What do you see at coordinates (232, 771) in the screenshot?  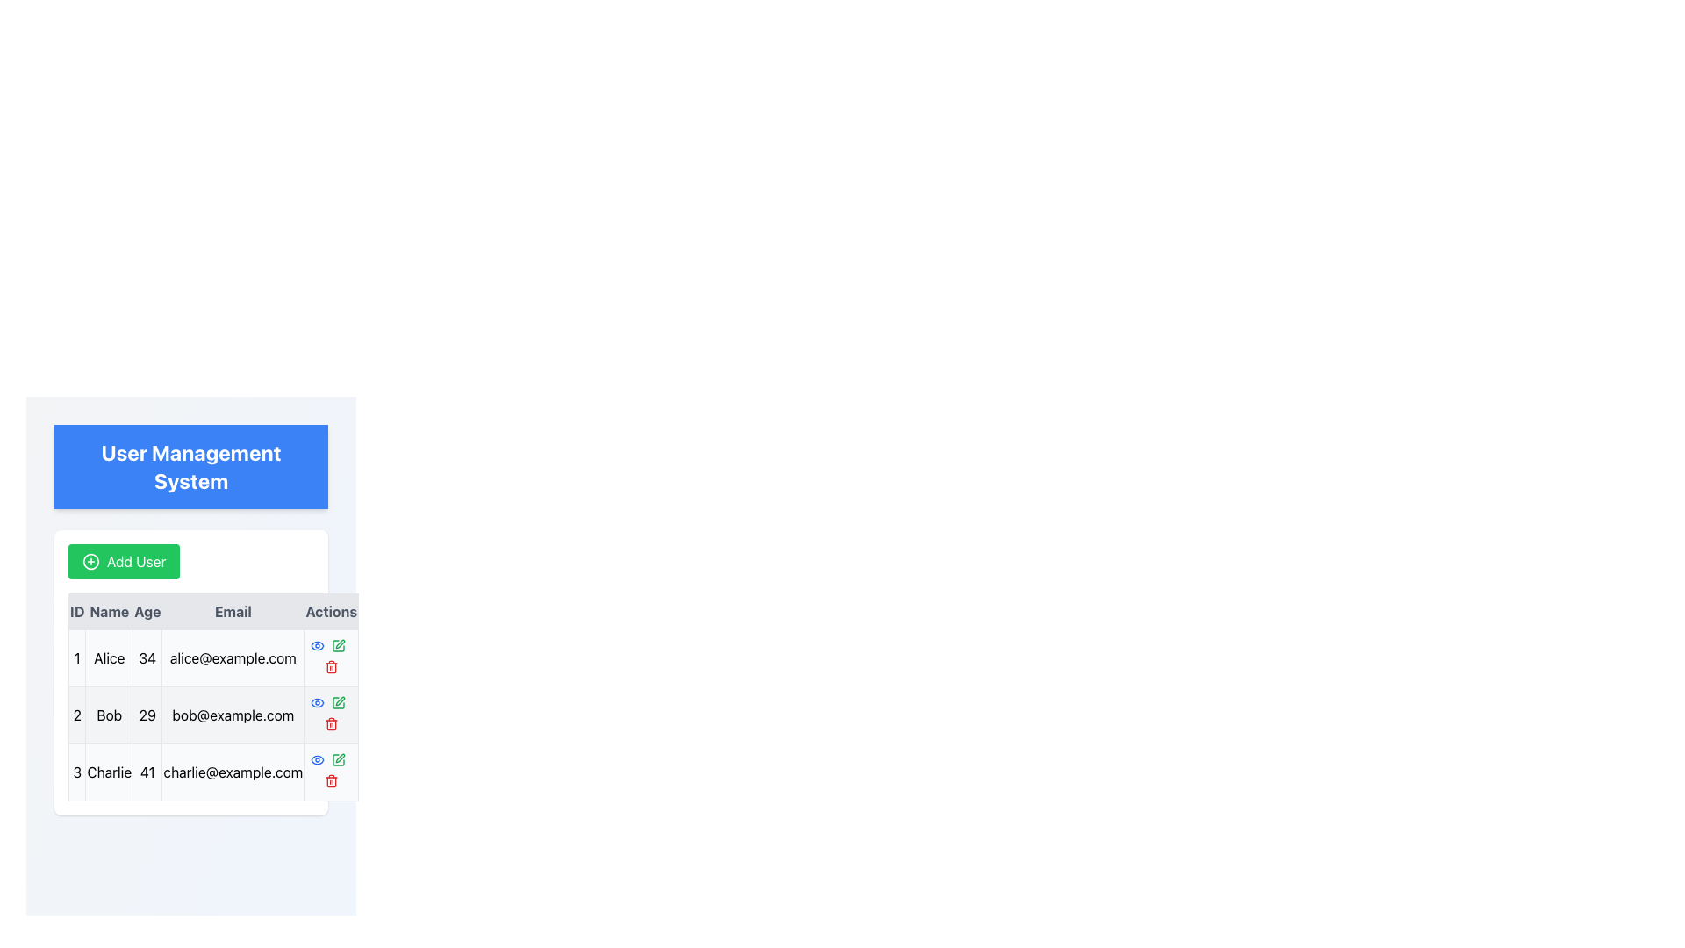 I see `the text label displaying the email 'charlie@example.com' located in the fourth column of the third row in the data table` at bounding box center [232, 771].